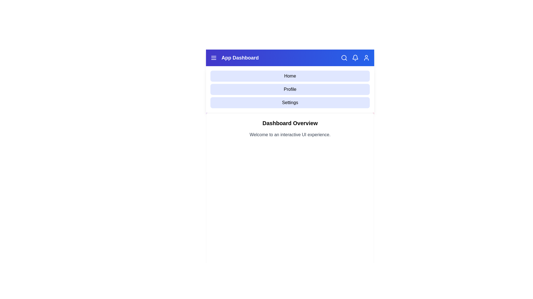  Describe the element at coordinates (290, 102) in the screenshot. I see `the 'Settings' menu option` at that location.